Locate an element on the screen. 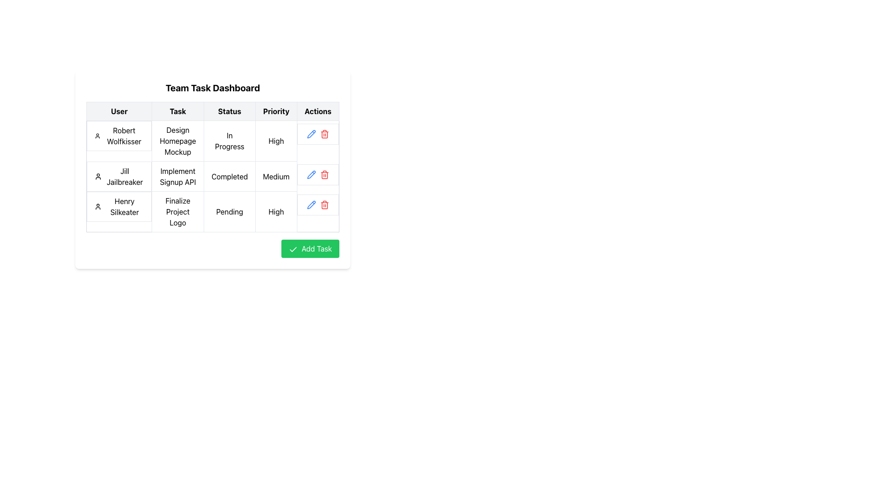  the edit icon button in the 'Actions' column of the first row in the task table to initiate editing is located at coordinates (312, 204).